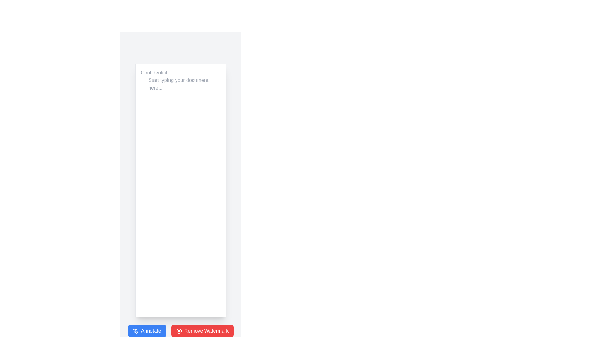 This screenshot has height=338, width=602. What do you see at coordinates (135, 330) in the screenshot?
I see `the 'Annotate' button located at the bottom-left corner of the interface, which contains a small SVG pen tool icon on its left side` at bounding box center [135, 330].